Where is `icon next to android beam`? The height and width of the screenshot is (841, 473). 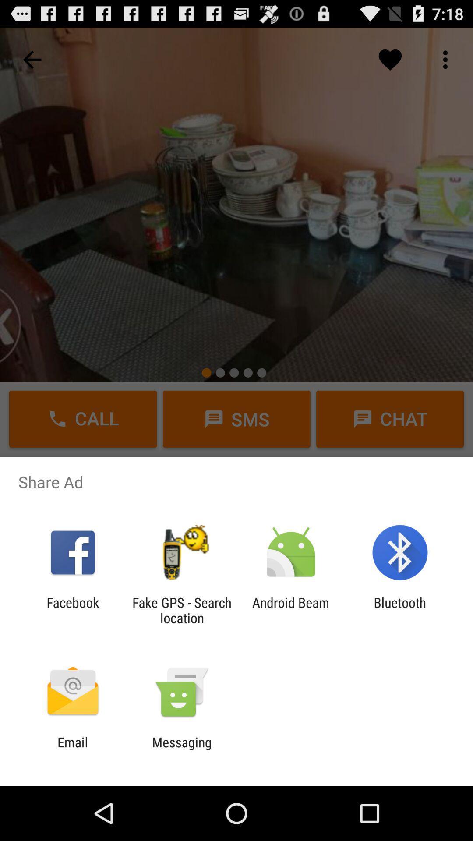 icon next to android beam is located at coordinates (181, 610).